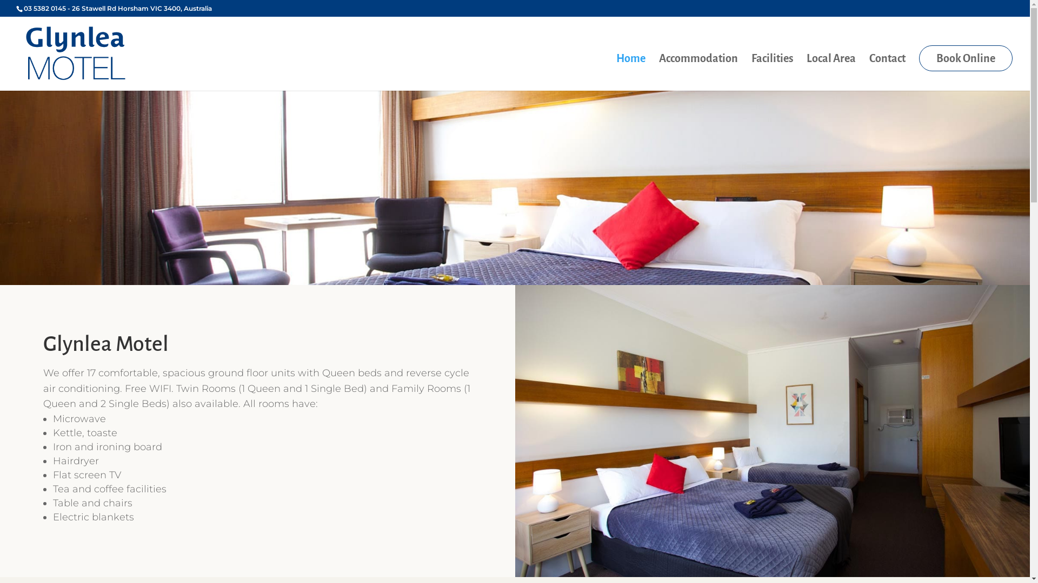 The width and height of the screenshot is (1038, 583). What do you see at coordinates (698, 72) in the screenshot?
I see `'Accommodation'` at bounding box center [698, 72].